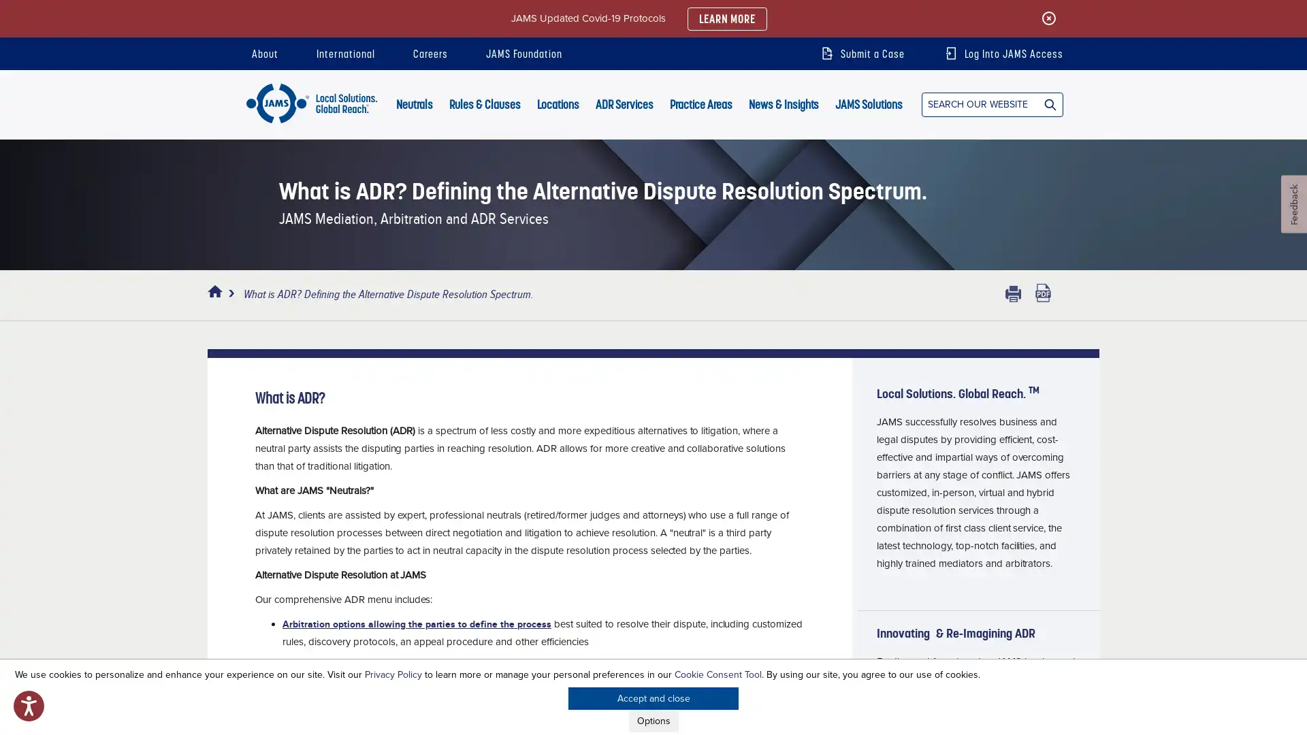  I want to click on Accept and close, so click(653, 698).